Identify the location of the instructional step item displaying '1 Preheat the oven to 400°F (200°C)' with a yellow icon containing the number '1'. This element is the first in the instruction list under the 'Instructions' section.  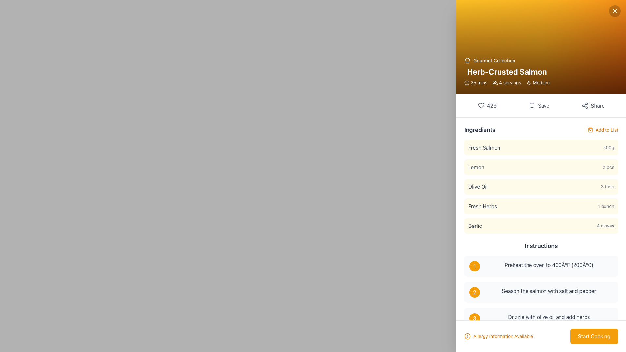
(541, 266).